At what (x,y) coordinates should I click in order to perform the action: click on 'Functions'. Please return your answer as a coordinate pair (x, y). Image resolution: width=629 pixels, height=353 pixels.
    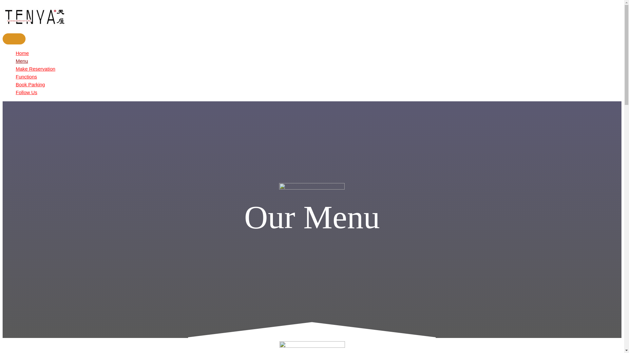
    Looking at the image, I should click on (16, 76).